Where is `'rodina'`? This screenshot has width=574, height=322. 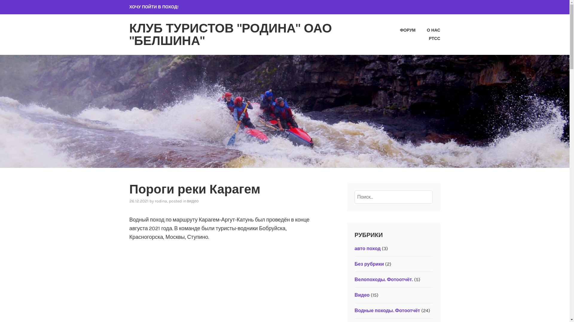 'rodina' is located at coordinates (161, 201).